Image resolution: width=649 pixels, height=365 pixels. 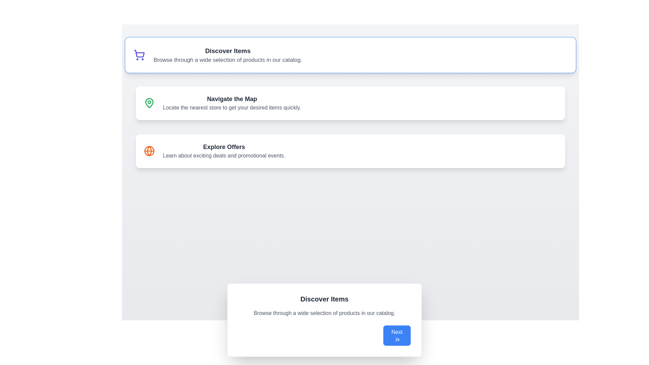 I want to click on the text line stating 'Browse through a wide selection of products in our catalog.', which is styled in muted gray and located directly under the 'Discover Items' header in the top card section of the page, so click(x=228, y=59).